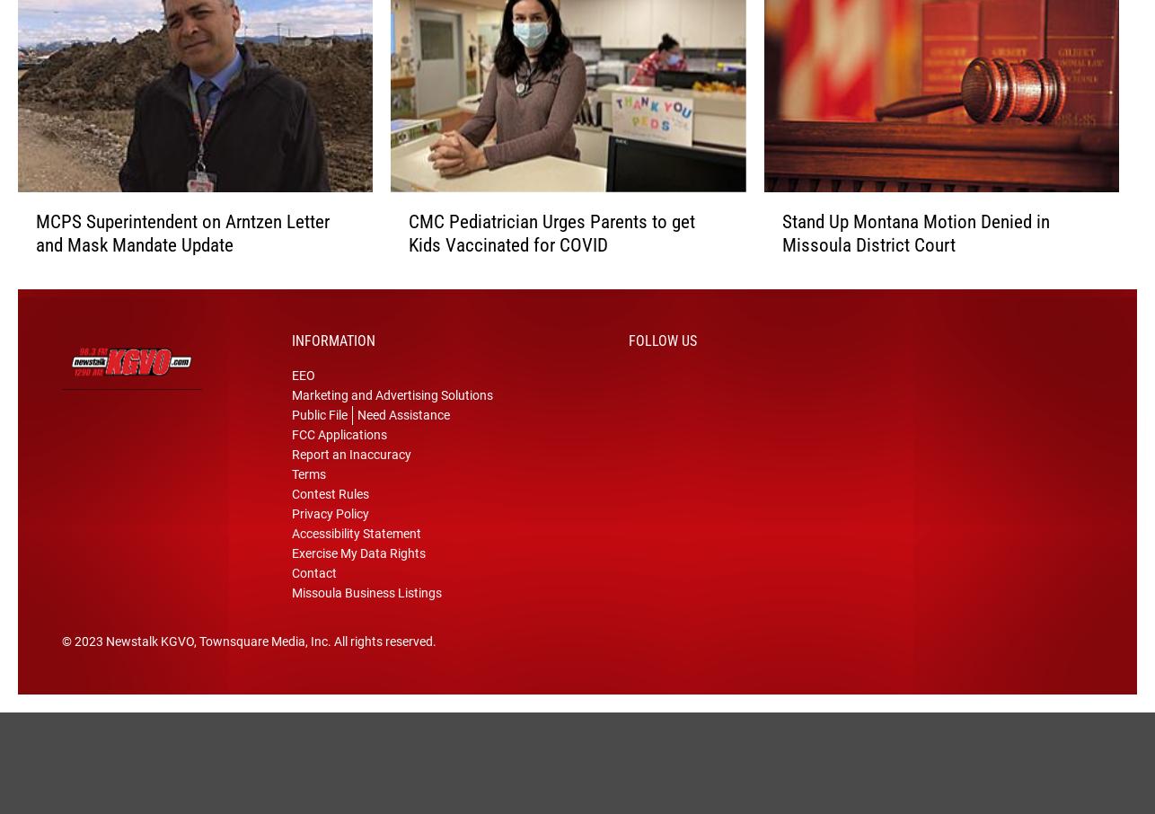 The height and width of the screenshot is (814, 1155). What do you see at coordinates (89, 664) in the screenshot?
I see `'2023'` at bounding box center [89, 664].